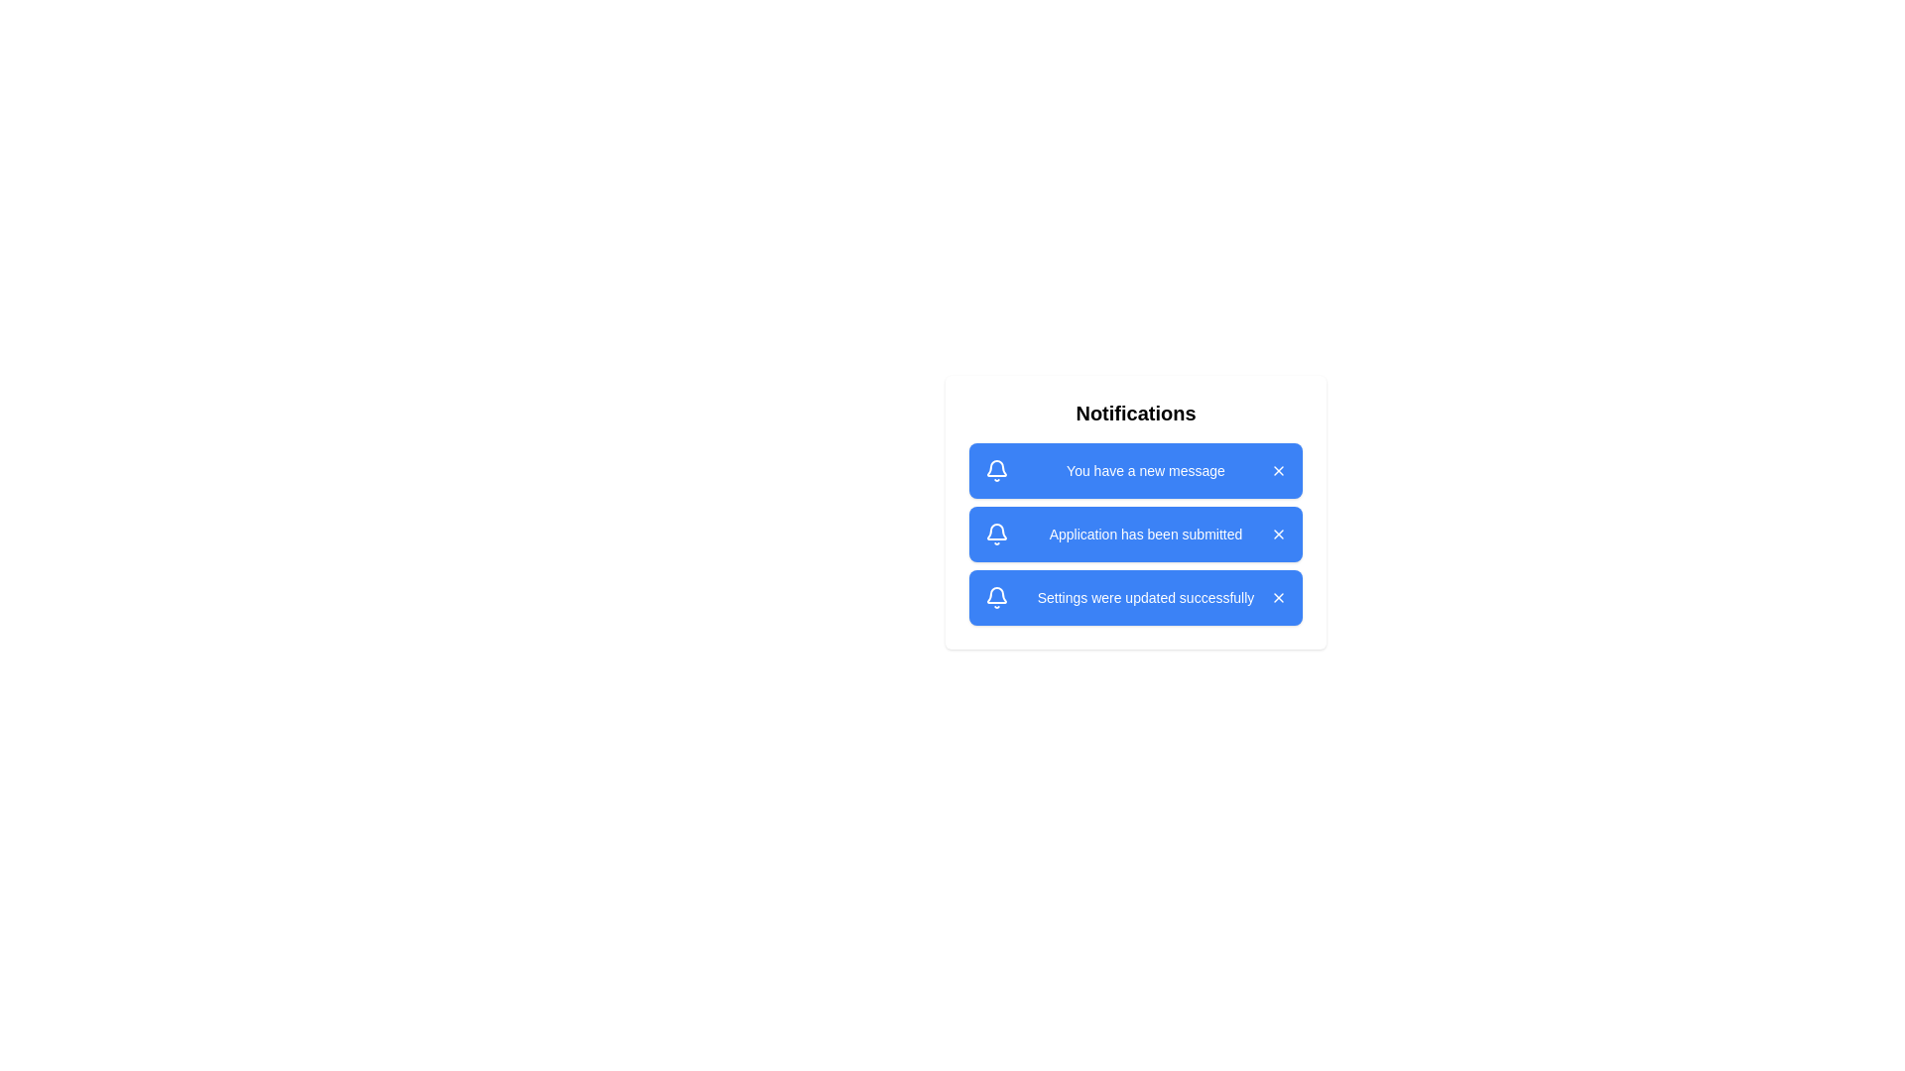 This screenshot has height=1071, width=1905. What do you see at coordinates (996, 534) in the screenshot?
I see `the bell icon associated with the notification 2` at bounding box center [996, 534].